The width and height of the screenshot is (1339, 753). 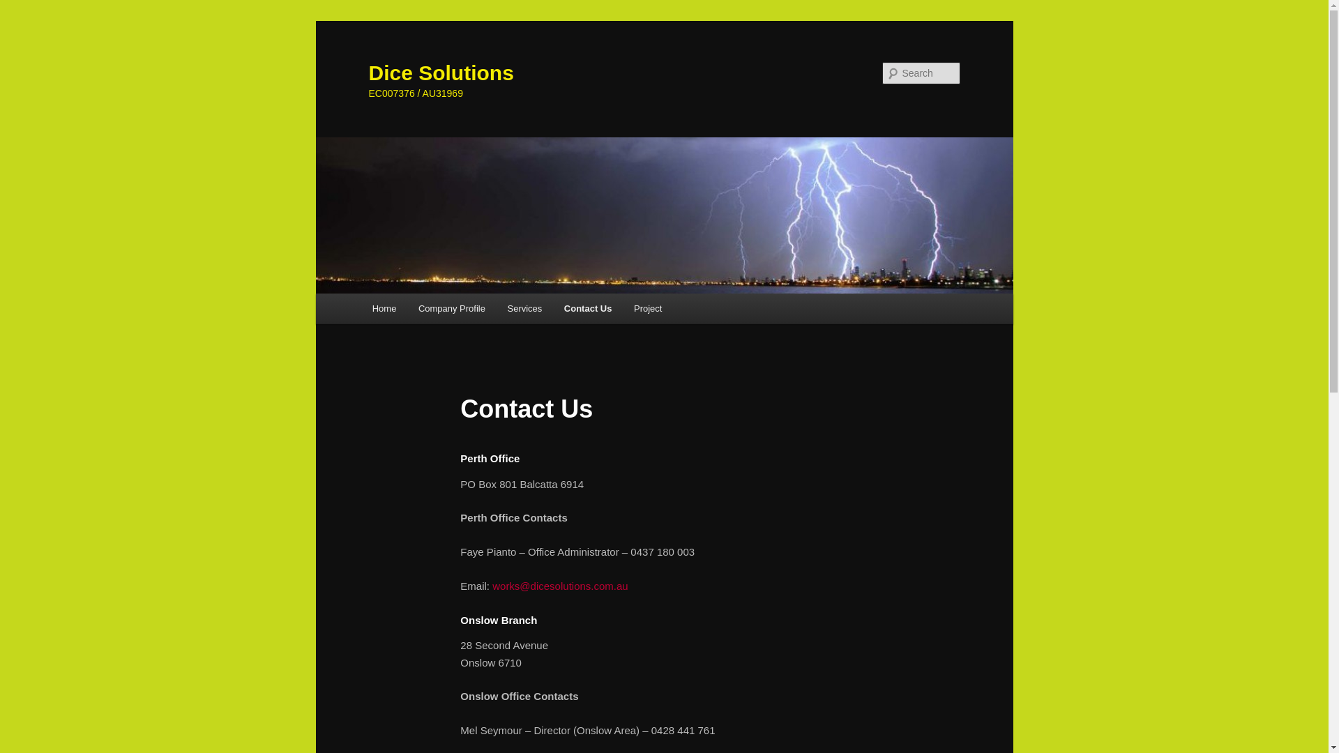 I want to click on 'Skip to primary content', so click(x=20, y=21).